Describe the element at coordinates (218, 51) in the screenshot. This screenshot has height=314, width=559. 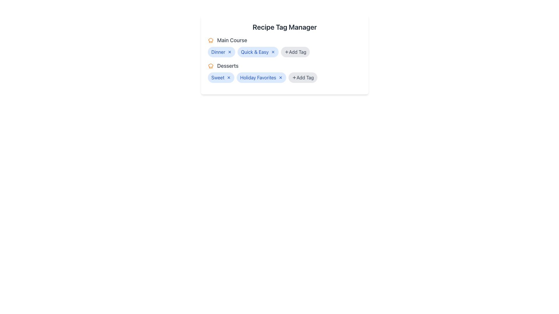
I see `the text label displaying 'Dinner' which is styled with a blue font and is located under the 'Main Course' heading, positioned next to 'Quick & Easy'` at that location.